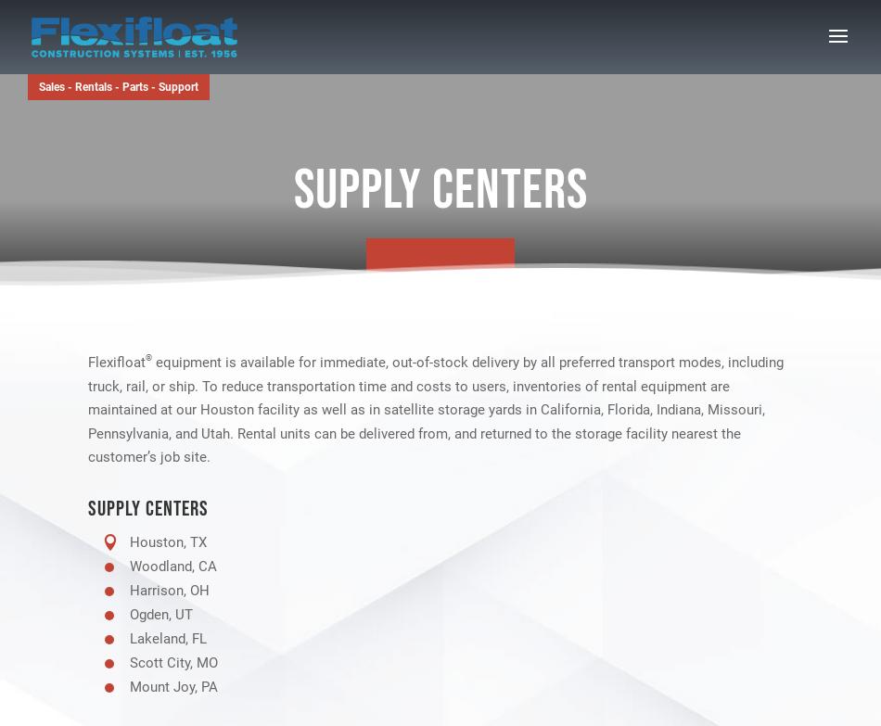 This screenshot has width=881, height=726. I want to click on 'Flexifloat', so click(116, 363).